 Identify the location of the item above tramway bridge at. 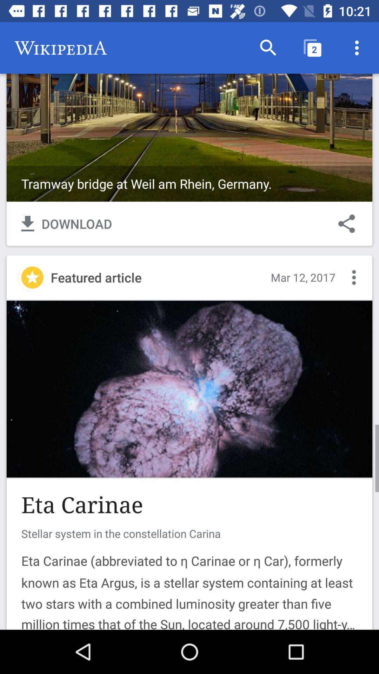
(357, 47).